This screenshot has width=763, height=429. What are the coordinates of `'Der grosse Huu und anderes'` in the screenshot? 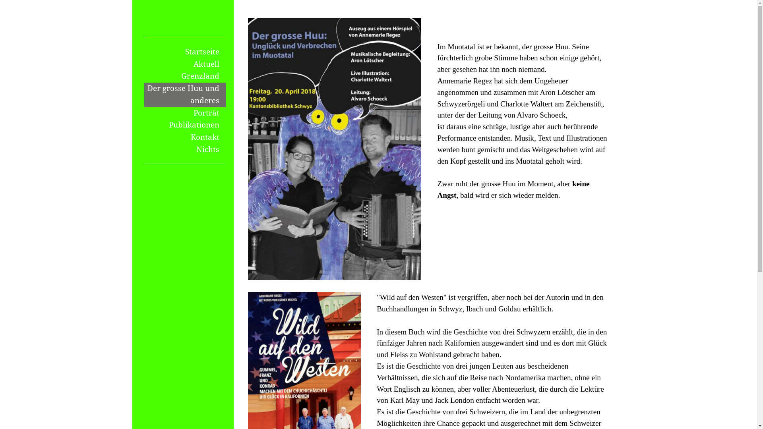 It's located at (184, 94).